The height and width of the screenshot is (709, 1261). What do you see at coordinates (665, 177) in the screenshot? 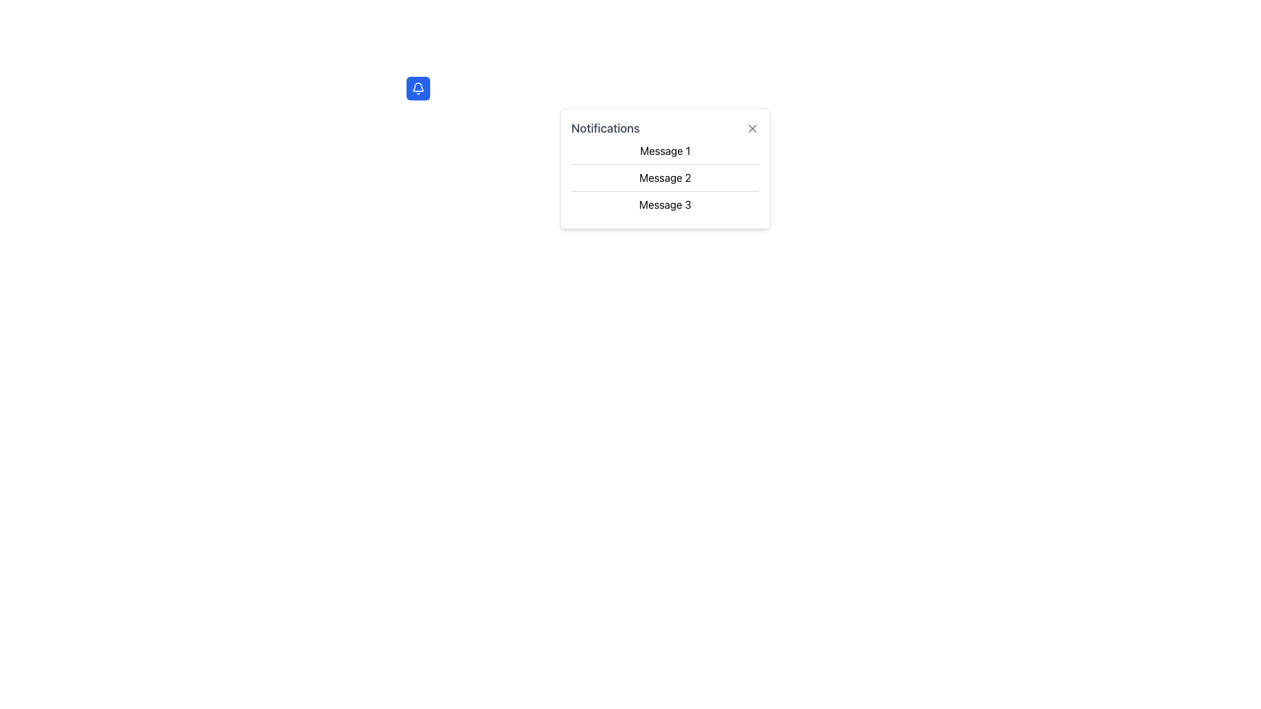
I see `the second message item in the notification list, which is represented as a non-interactive text label` at bounding box center [665, 177].